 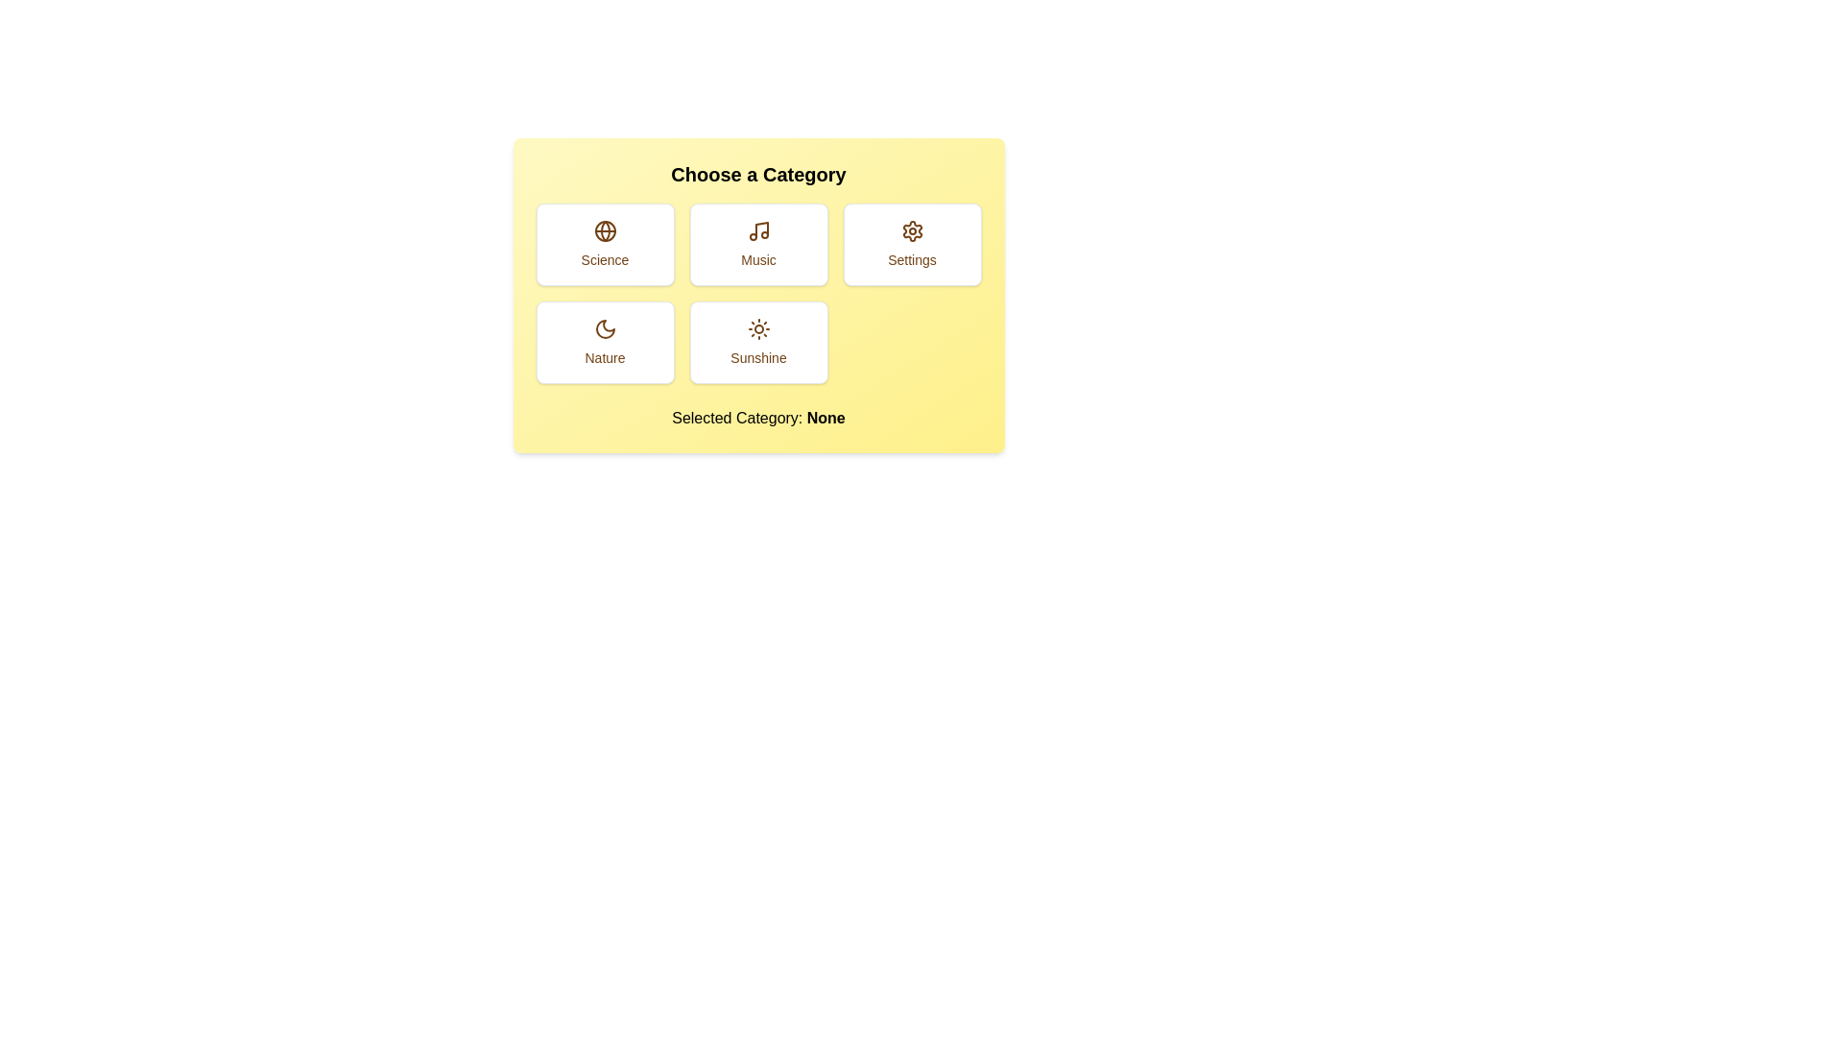 What do you see at coordinates (757, 342) in the screenshot?
I see `the 'Sunshine' button` at bounding box center [757, 342].